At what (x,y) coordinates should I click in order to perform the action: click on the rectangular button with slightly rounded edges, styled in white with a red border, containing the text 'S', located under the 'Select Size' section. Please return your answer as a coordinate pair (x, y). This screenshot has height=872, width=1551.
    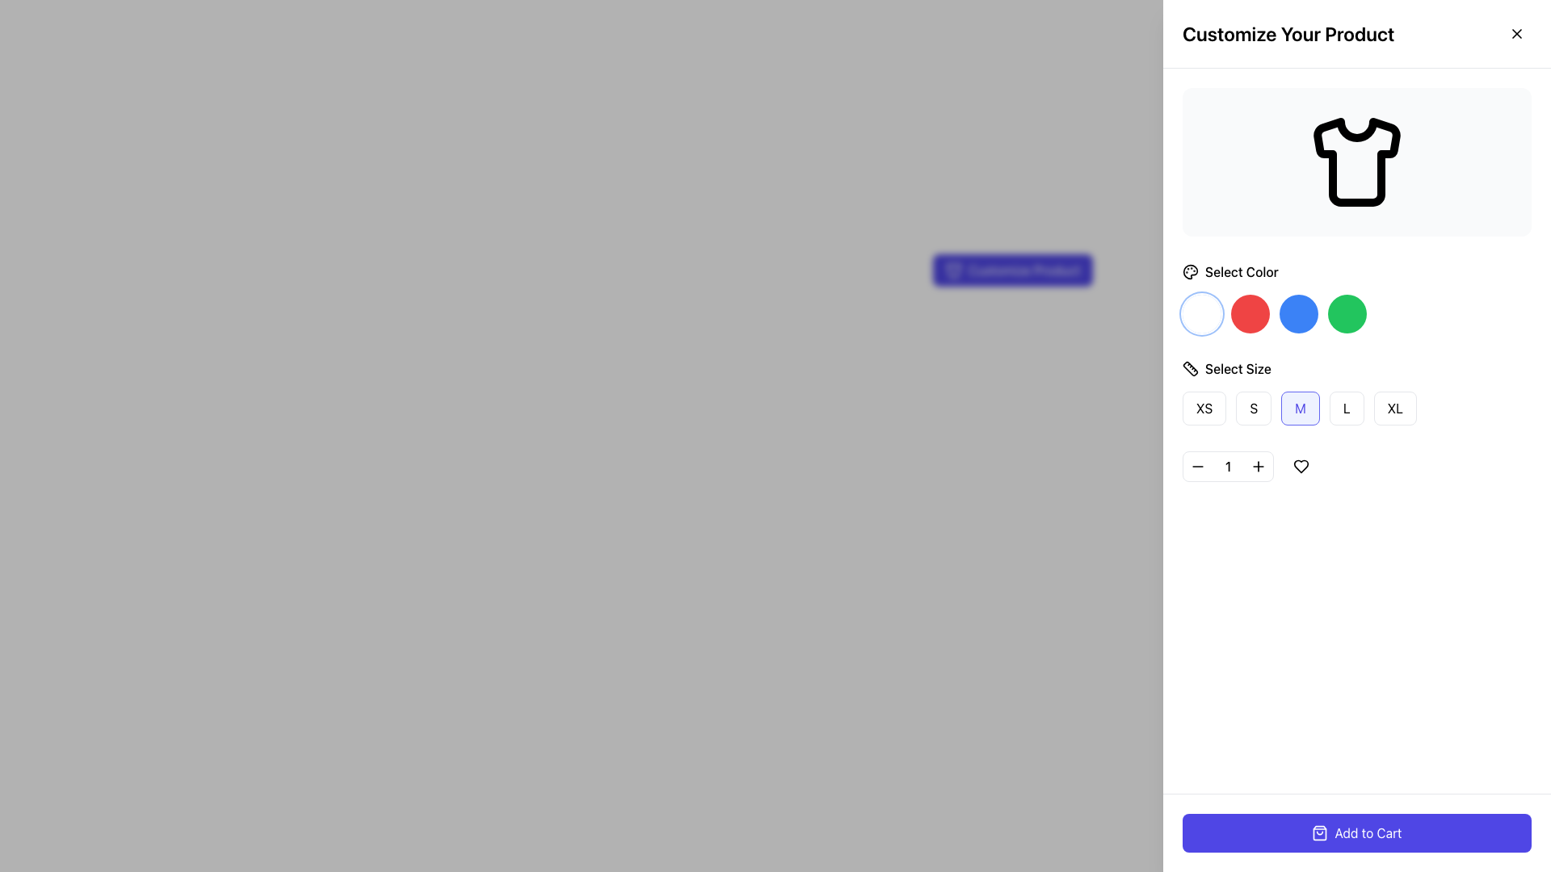
    Looking at the image, I should click on (1253, 407).